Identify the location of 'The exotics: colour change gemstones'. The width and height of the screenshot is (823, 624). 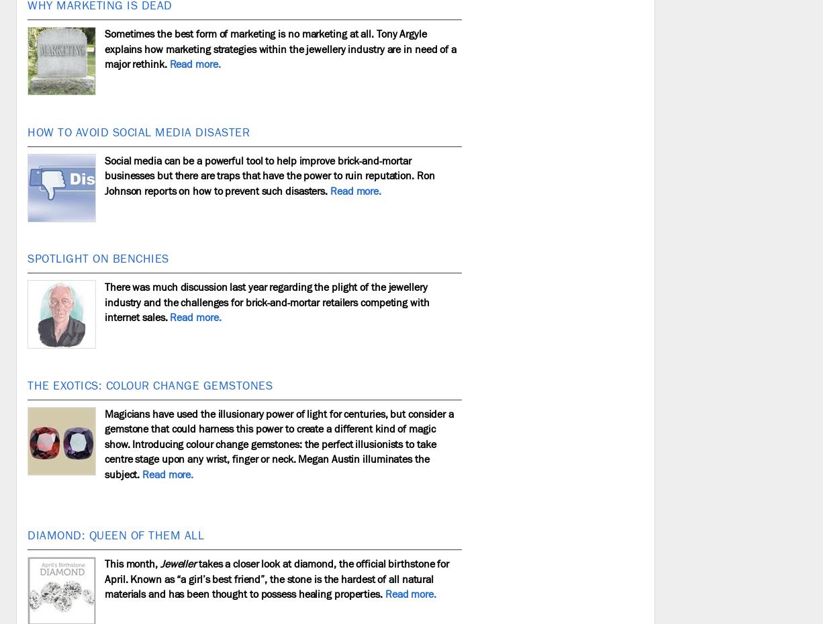
(150, 384).